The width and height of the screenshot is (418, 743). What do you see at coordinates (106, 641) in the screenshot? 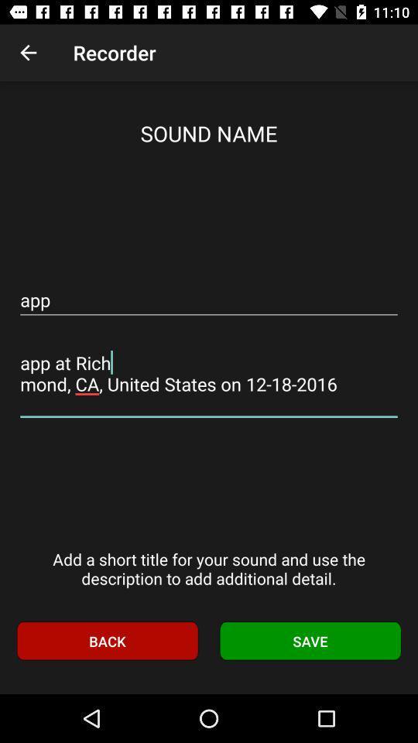
I see `icon at the bottom left corner` at bounding box center [106, 641].